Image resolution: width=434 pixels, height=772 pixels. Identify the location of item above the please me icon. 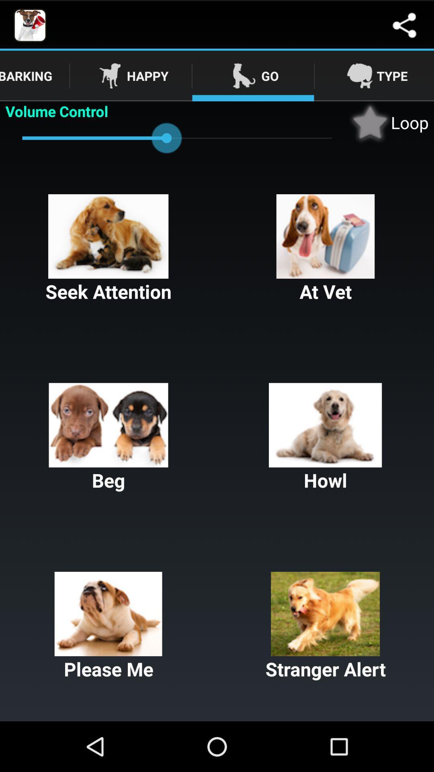
(108, 437).